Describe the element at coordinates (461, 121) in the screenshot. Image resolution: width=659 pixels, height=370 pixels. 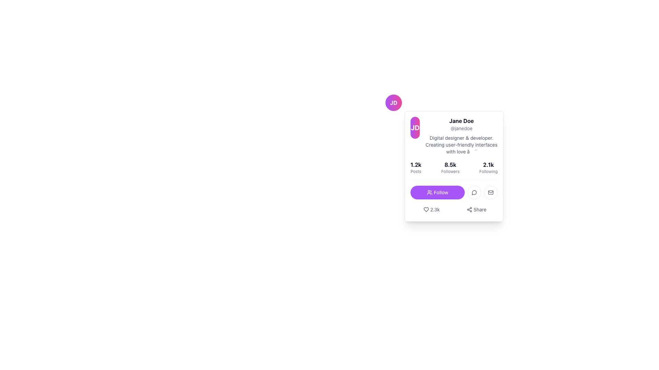
I see `the text 'Jane Doe' from the text label that is prominently displayed in bold on a white background, located at the top-middle area of the user information card` at that location.